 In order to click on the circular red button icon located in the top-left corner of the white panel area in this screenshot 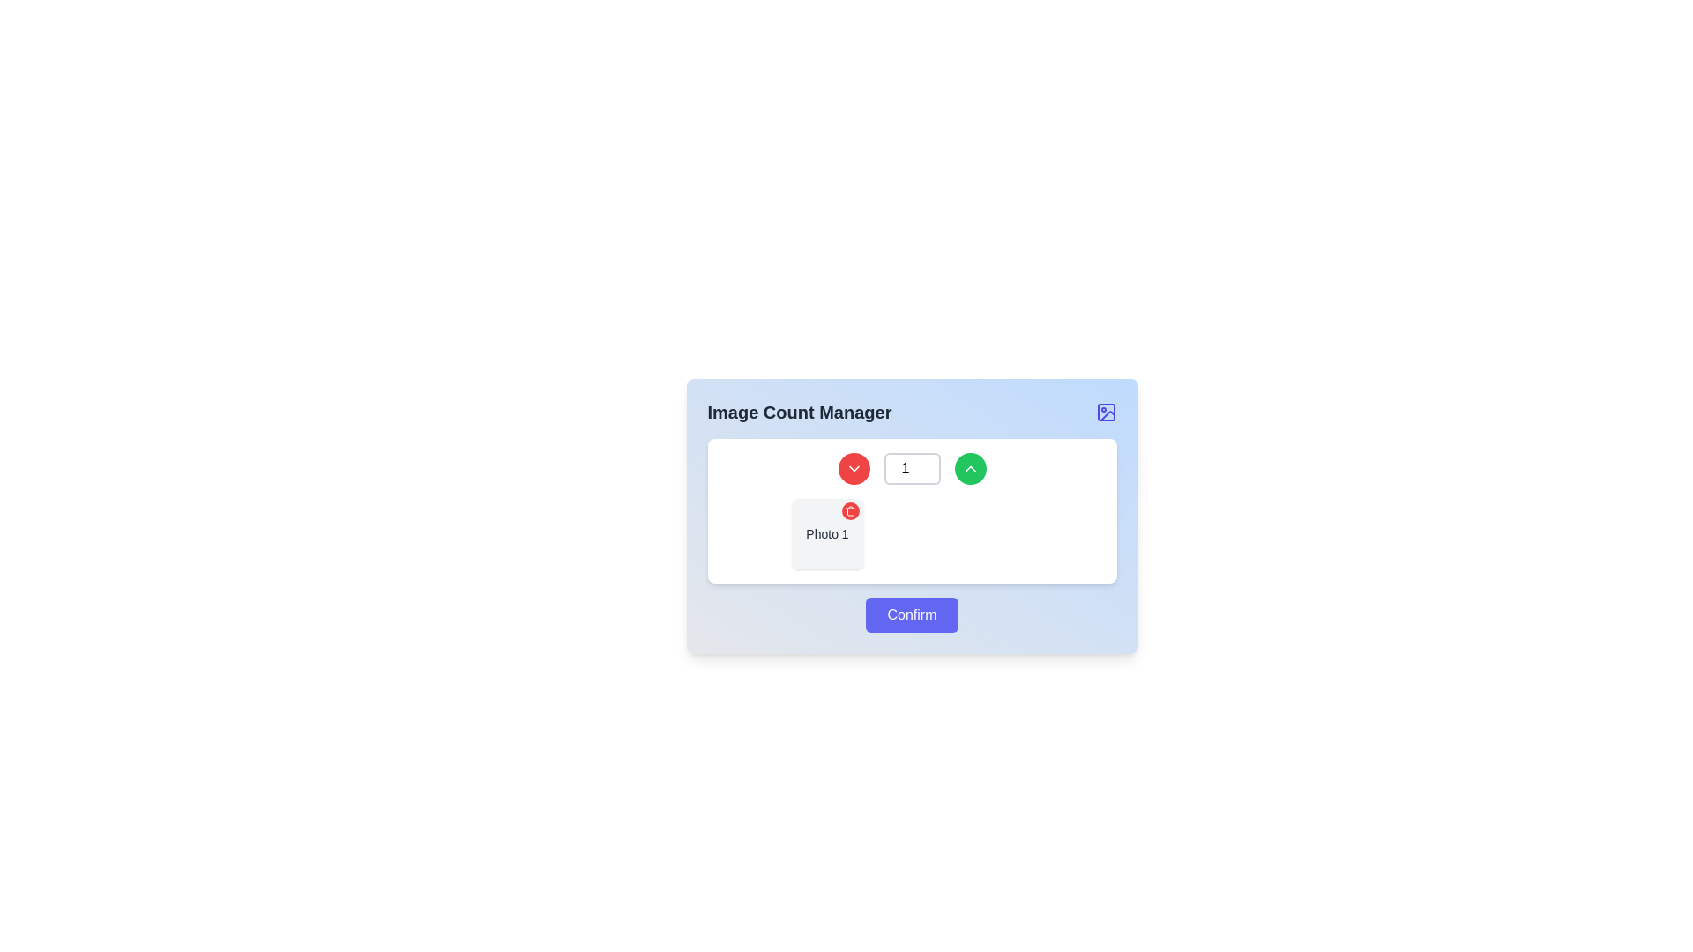, I will do `click(854, 468)`.